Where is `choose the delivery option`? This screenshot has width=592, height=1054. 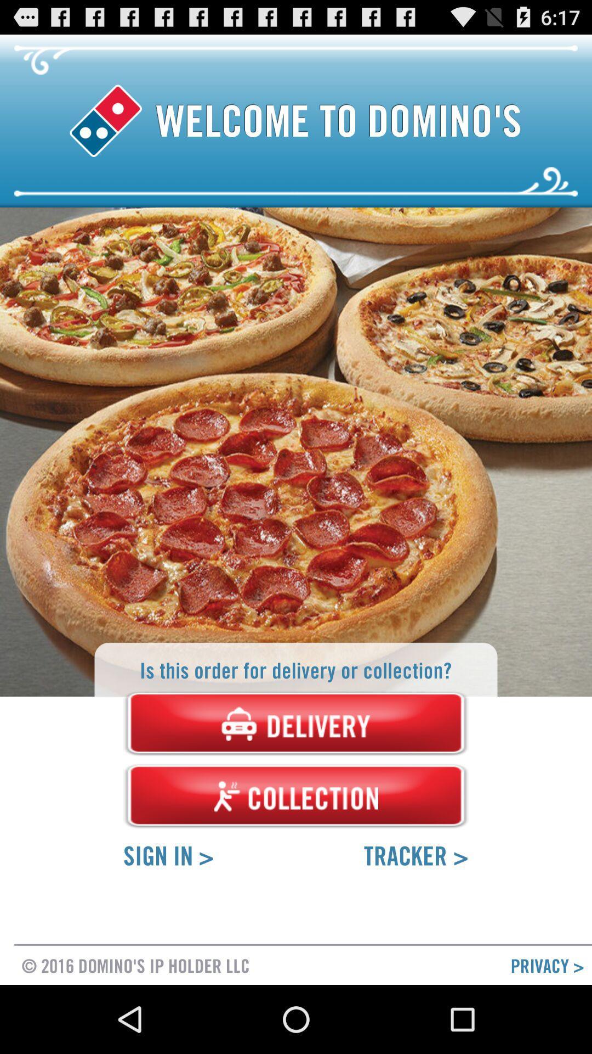
choose the delivery option is located at coordinates (296, 724).